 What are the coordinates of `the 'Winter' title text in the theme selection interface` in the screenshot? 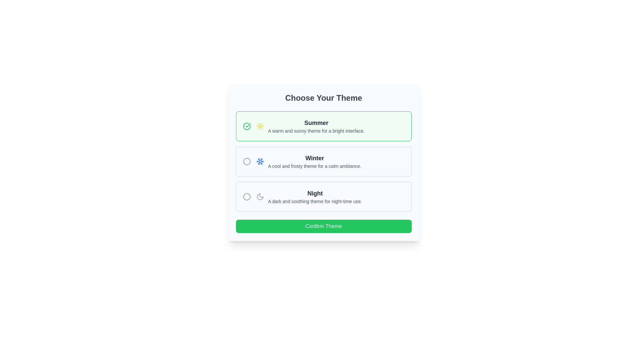 It's located at (314, 158).